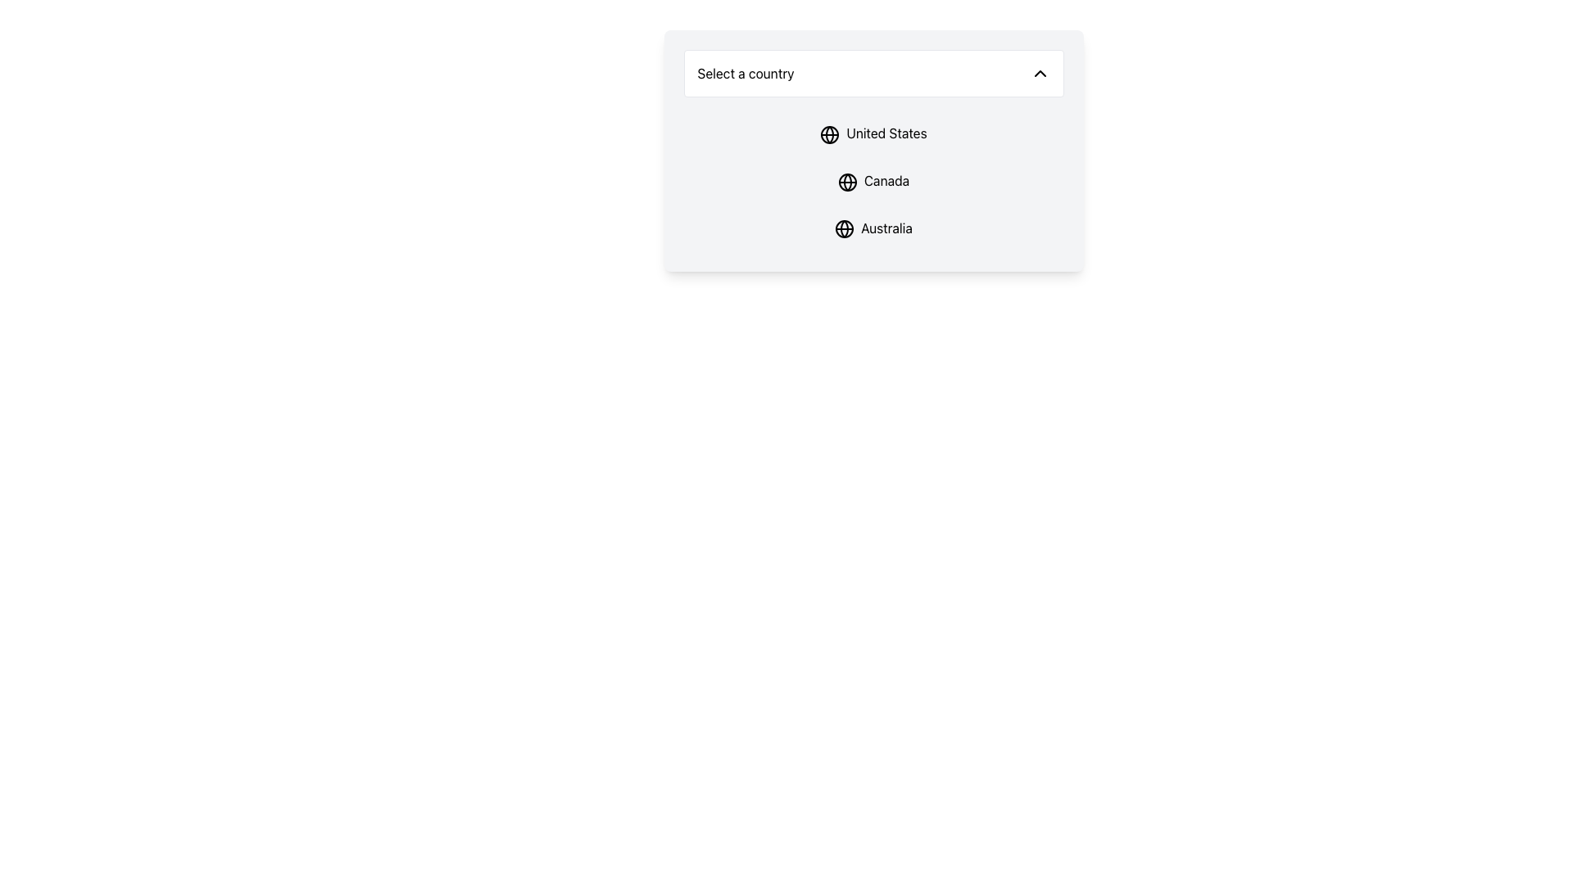  What do you see at coordinates (830, 133) in the screenshot?
I see `the circular globe icon located adjacent to the text 'United States' in the dropdown menu` at bounding box center [830, 133].